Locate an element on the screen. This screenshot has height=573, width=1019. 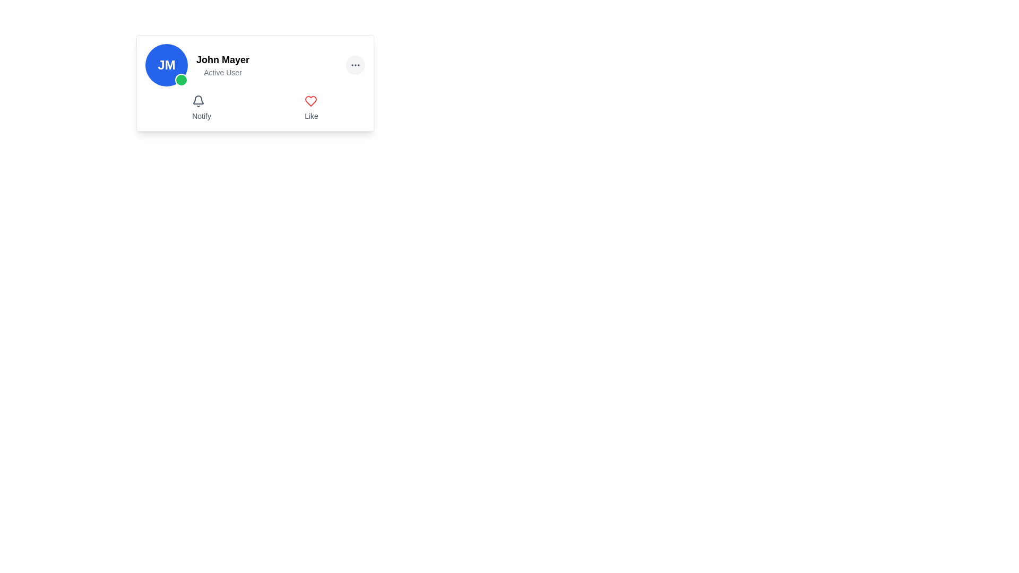
the 'Like' icon located under the text 'Like' beside the 'Notify' option in the user card is located at coordinates (310, 101).